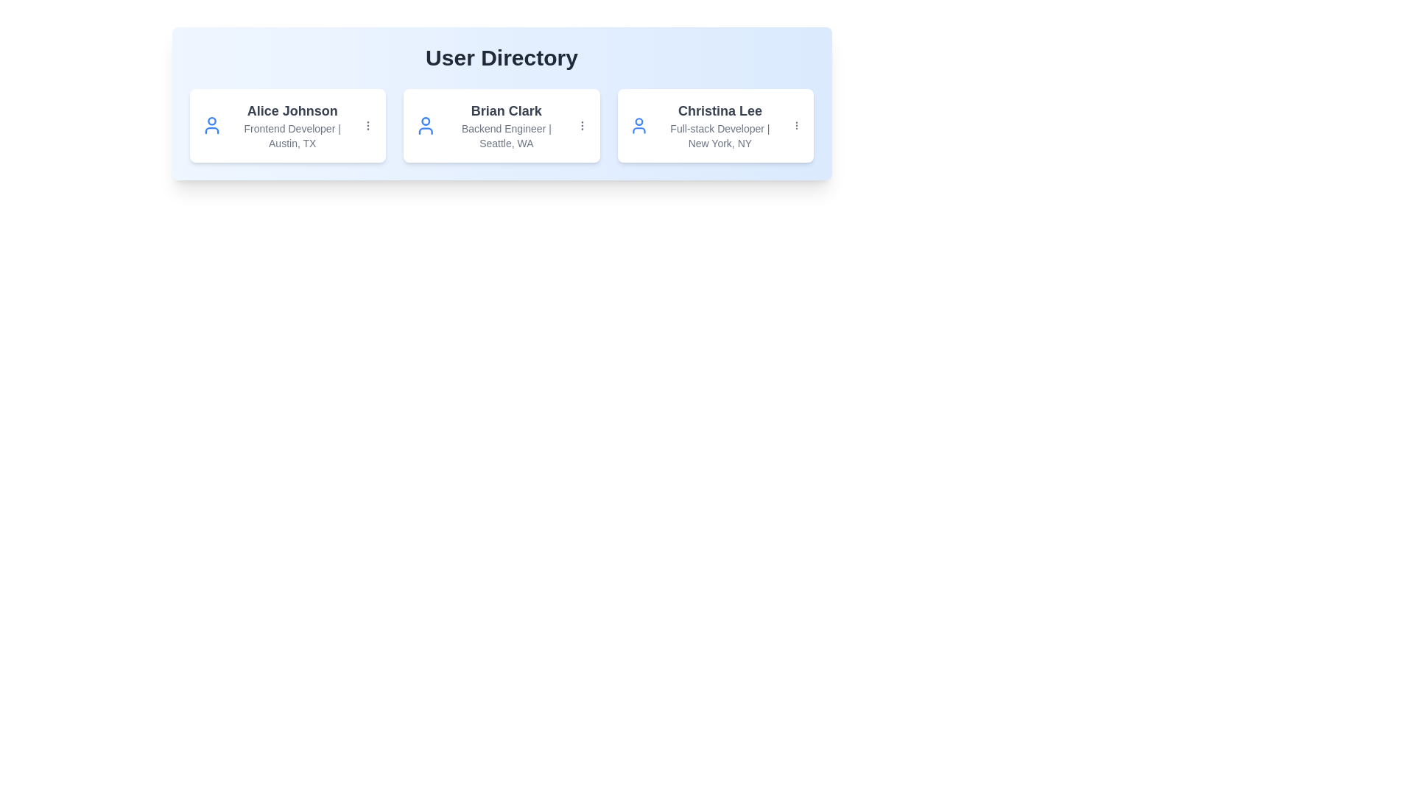 This screenshot has width=1414, height=795. I want to click on the 'MoreVertical' icon for the user card corresponding to Brian Clark, so click(581, 124).